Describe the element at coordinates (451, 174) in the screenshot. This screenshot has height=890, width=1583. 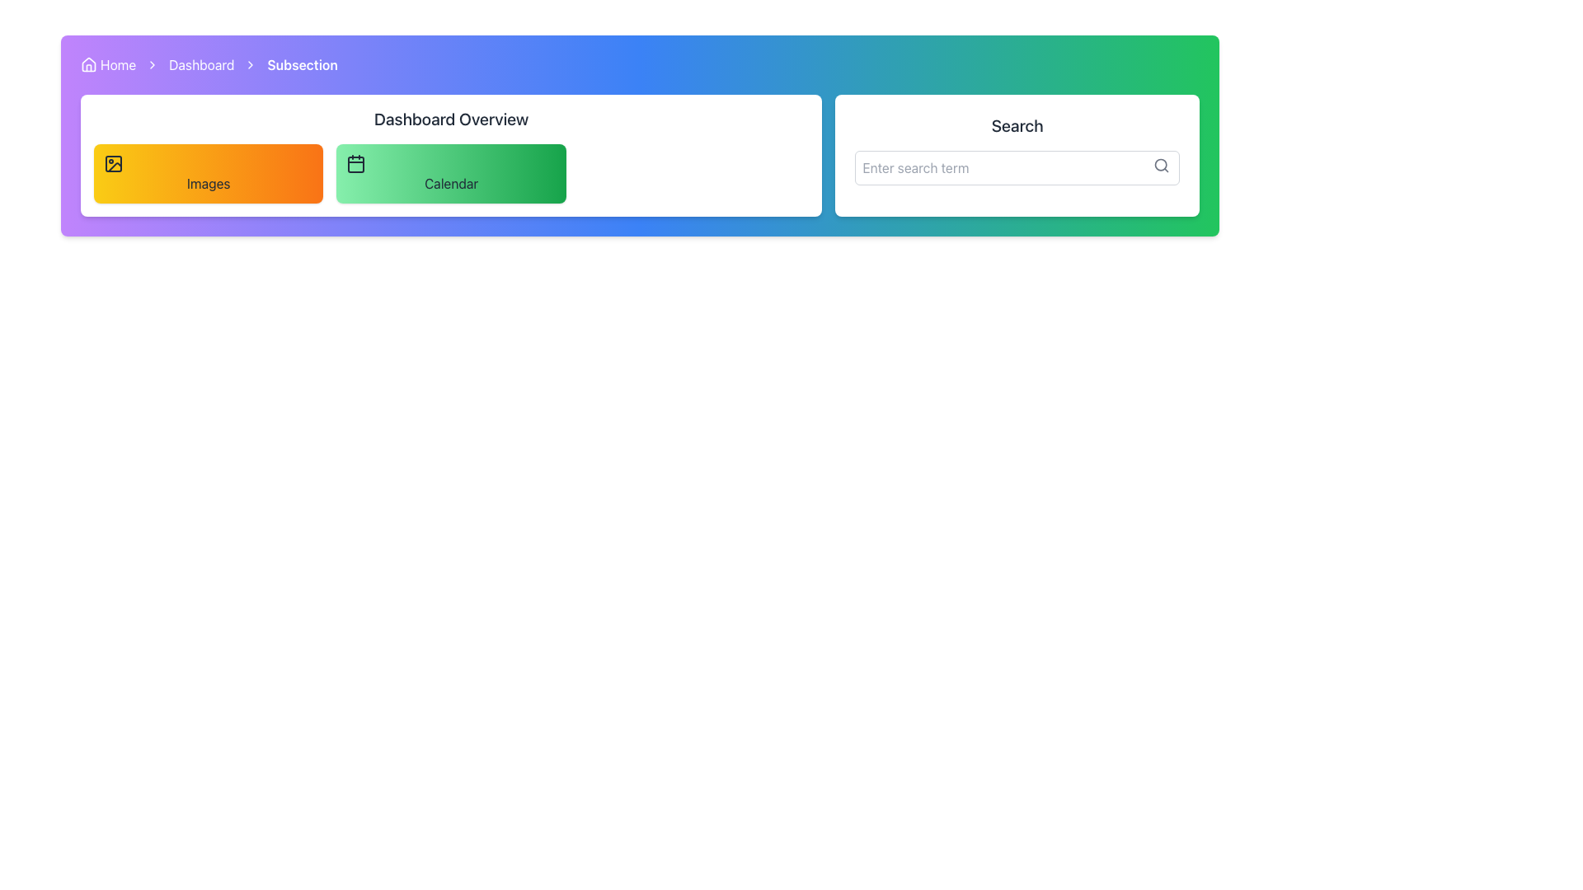
I see `the button in the grid structure beneath 'Dashboard Overview'` at that location.